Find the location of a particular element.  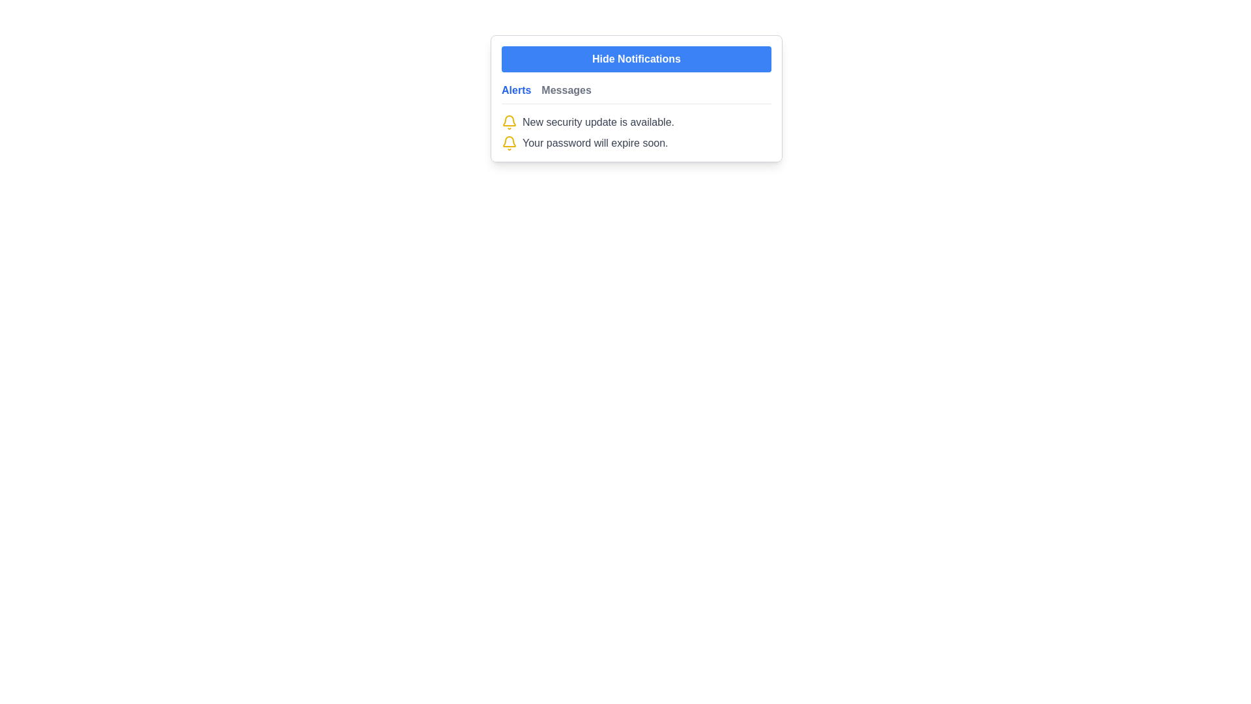

text of the second notification message located below the 'Alerts' tab in the notification box, which informs the user about the expiration of their password is located at coordinates (637, 143).